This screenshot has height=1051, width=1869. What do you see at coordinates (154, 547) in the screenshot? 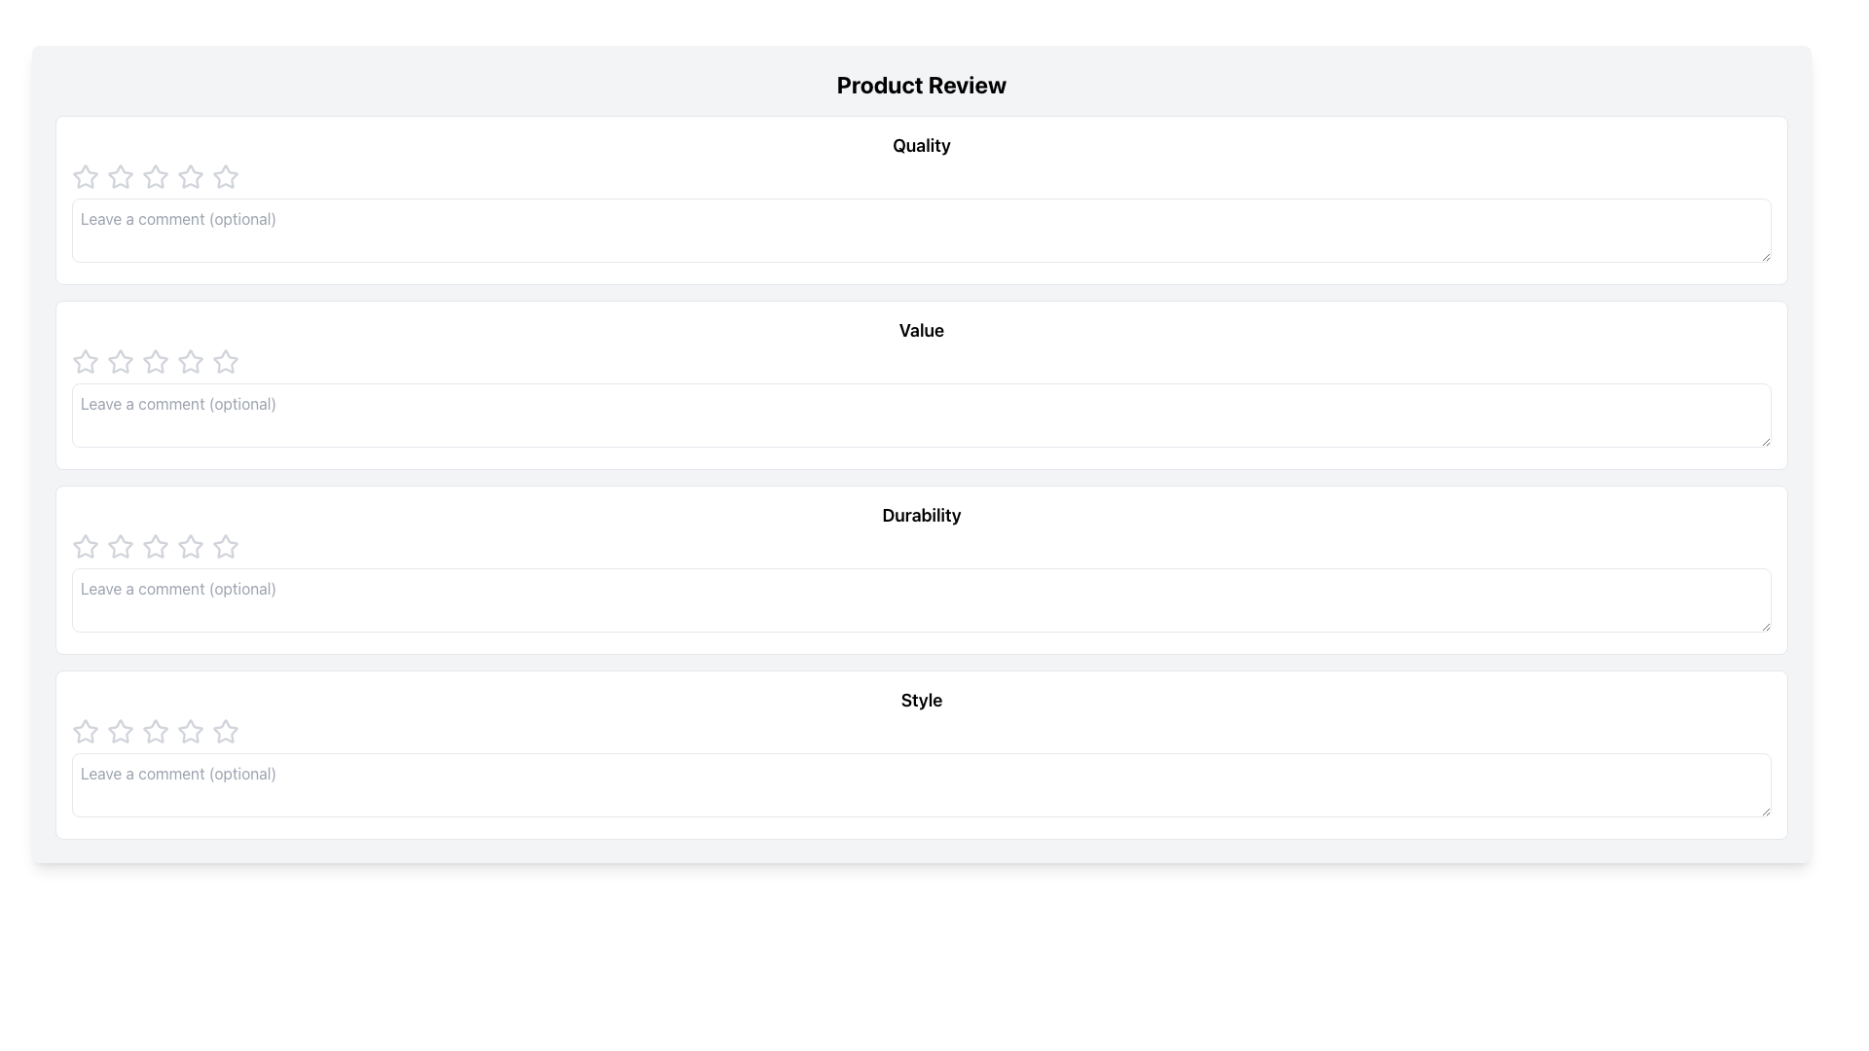
I see `the fourth star icon in the 'Durability' category of the rating system to provide visual feedback` at bounding box center [154, 547].